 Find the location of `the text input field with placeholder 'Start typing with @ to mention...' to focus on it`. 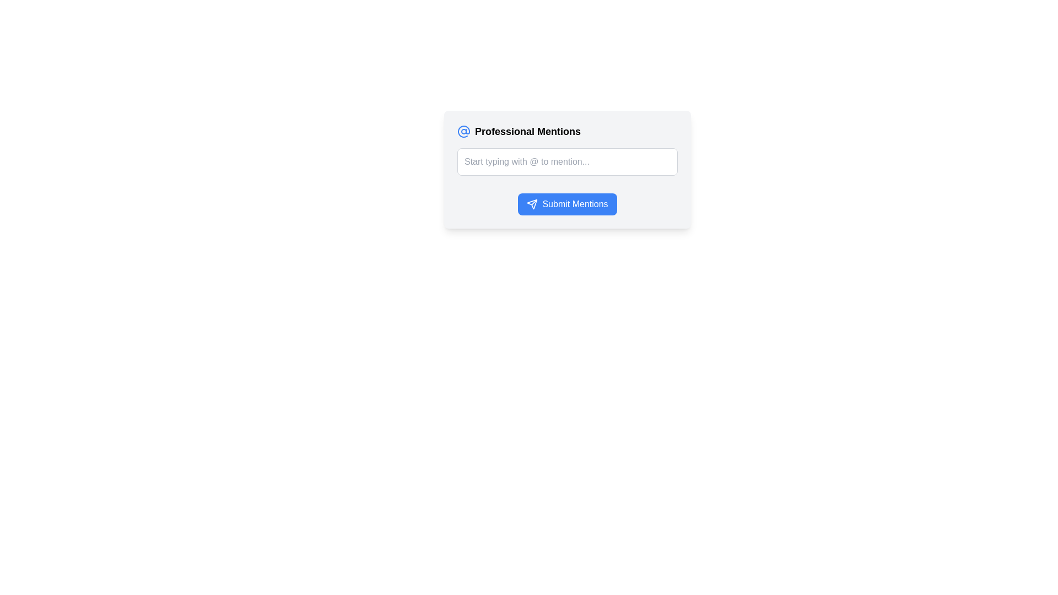

the text input field with placeholder 'Start typing with @ to mention...' to focus on it is located at coordinates (568, 170).